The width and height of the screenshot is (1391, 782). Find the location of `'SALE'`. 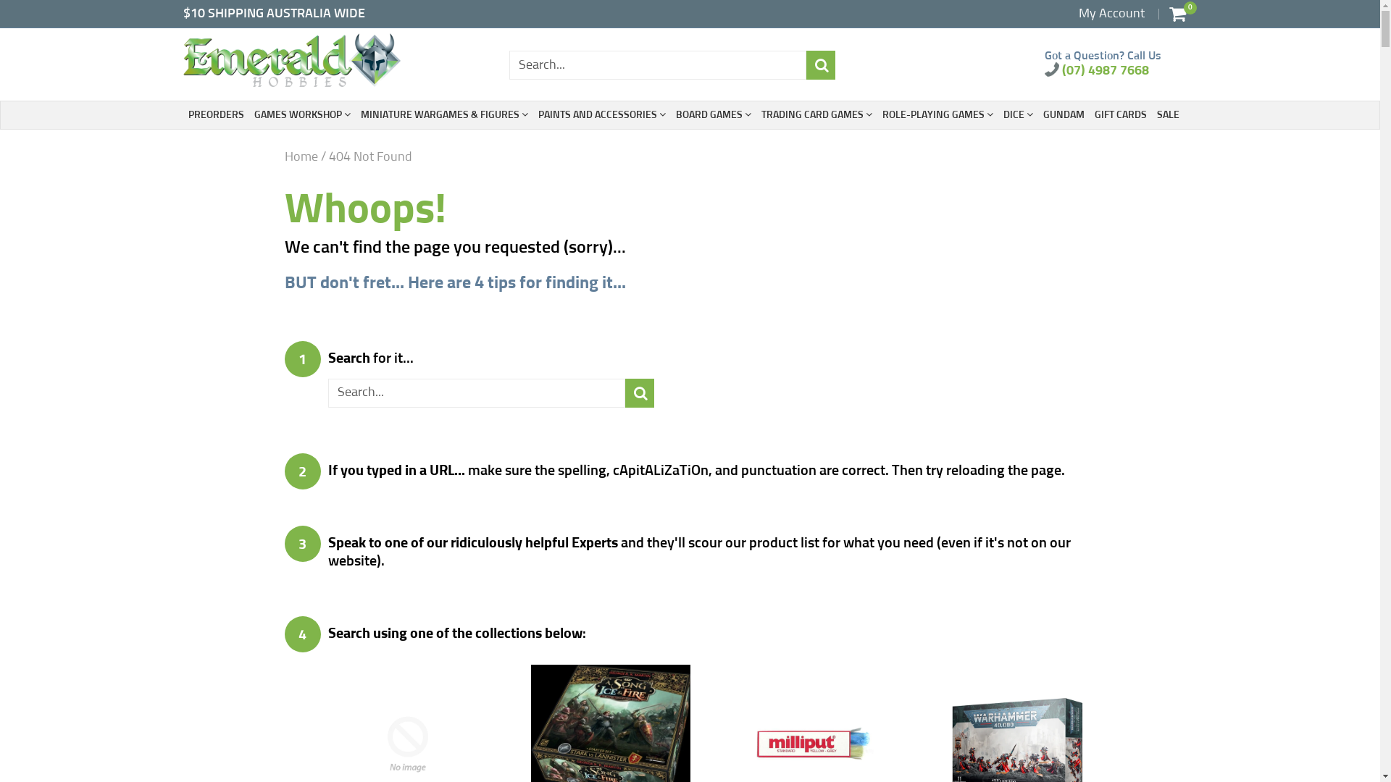

'SALE' is located at coordinates (1167, 114).